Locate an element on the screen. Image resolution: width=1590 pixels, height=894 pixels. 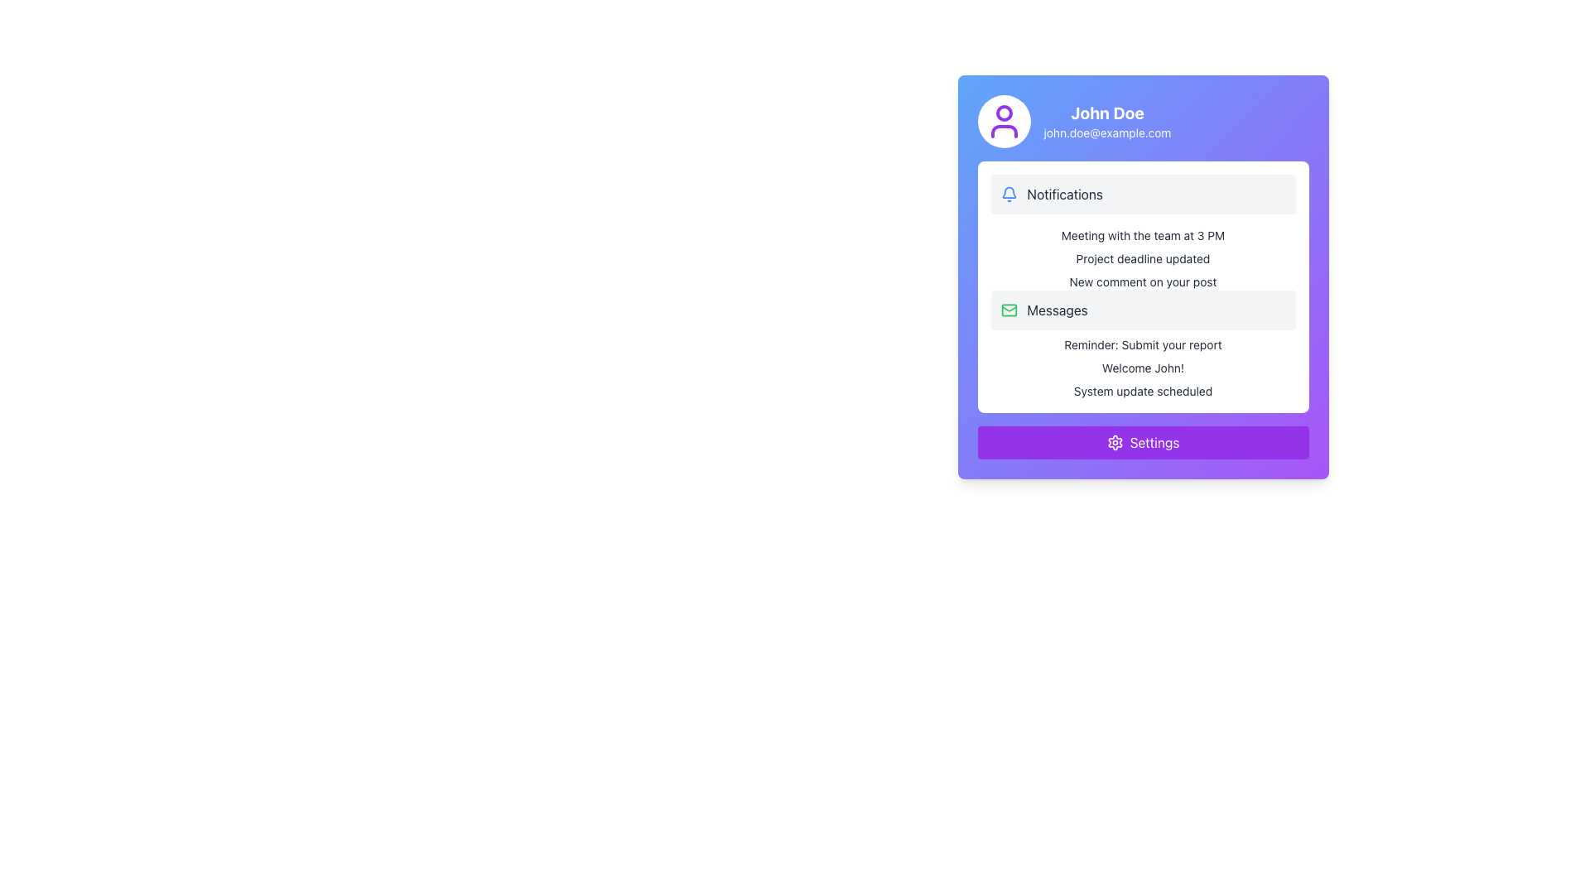
the gear icon representing settings functionality, located to the left of the 'Settings' label within a purple button at the bottom of the user interface card is located at coordinates (1115, 442).